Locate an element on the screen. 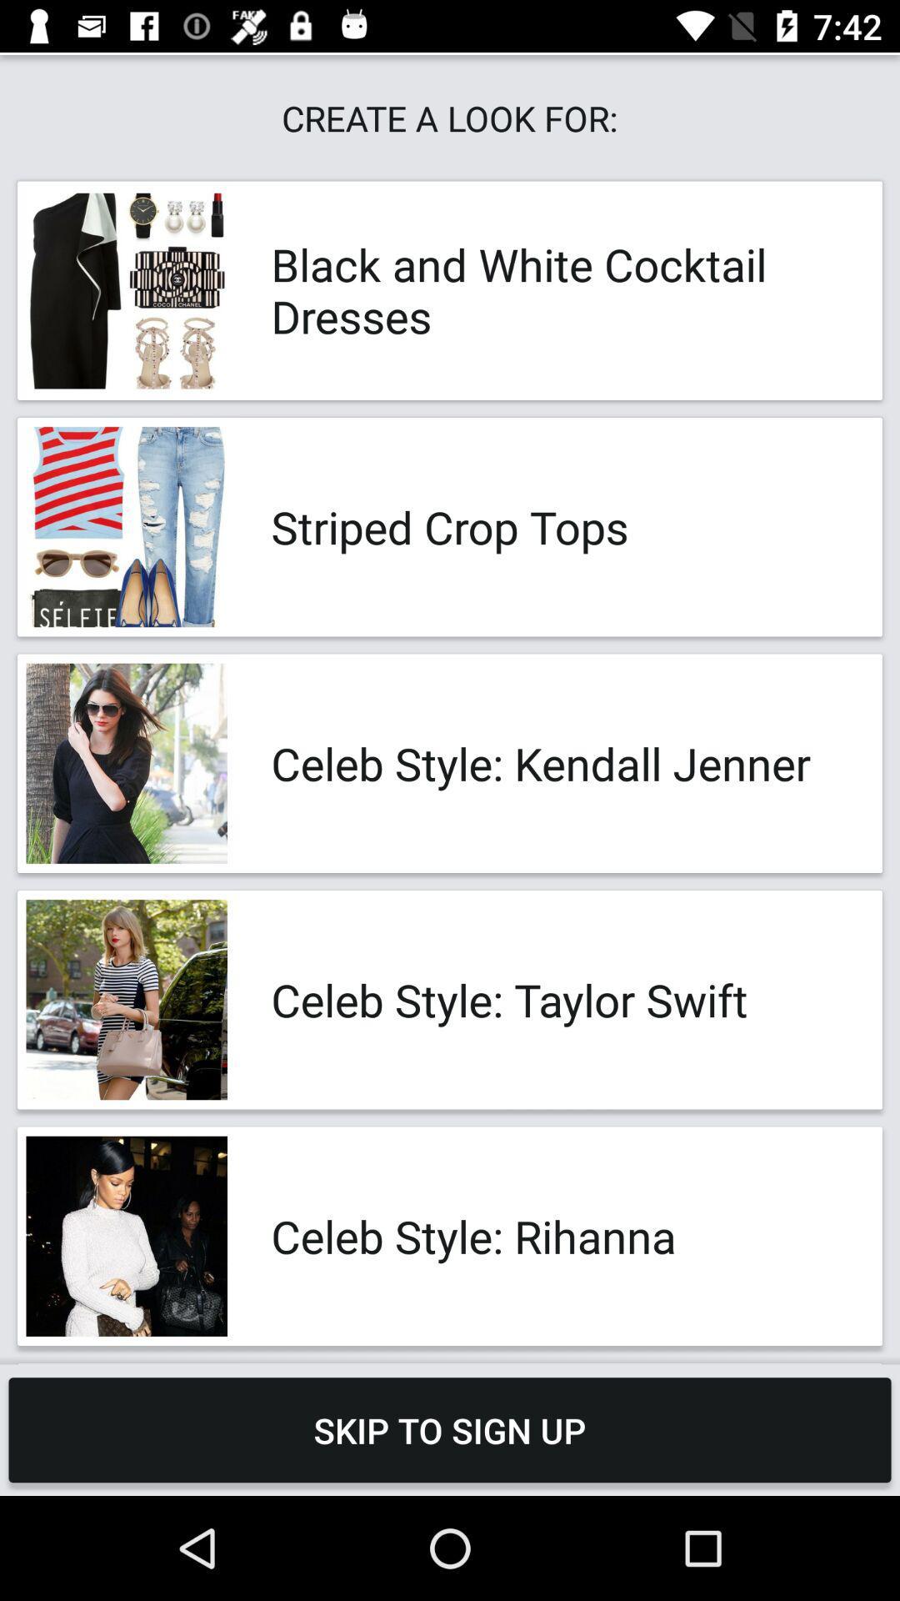  the black and white icon is located at coordinates (559, 290).